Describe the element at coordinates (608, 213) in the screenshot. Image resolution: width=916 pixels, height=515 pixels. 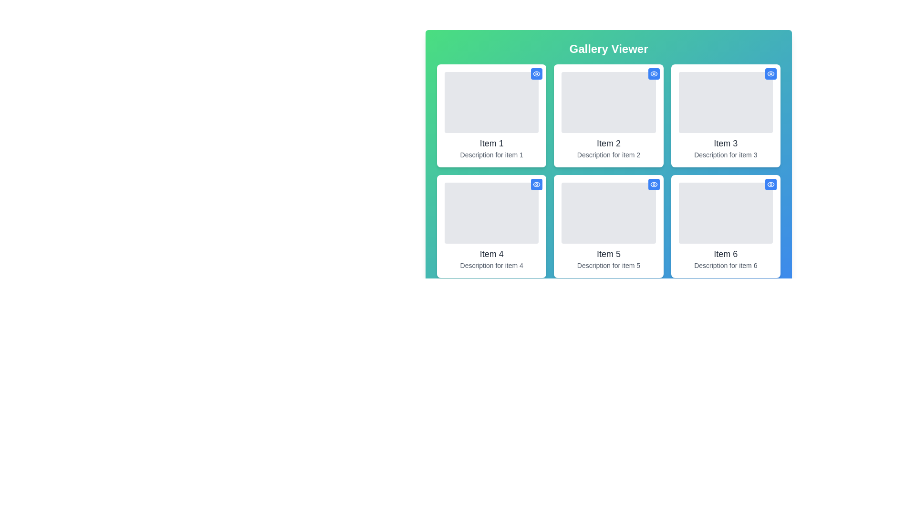
I see `the Placeholder area located in the top portion of the Item 5 card, which is in the third column of the second row in the grid layout` at that location.